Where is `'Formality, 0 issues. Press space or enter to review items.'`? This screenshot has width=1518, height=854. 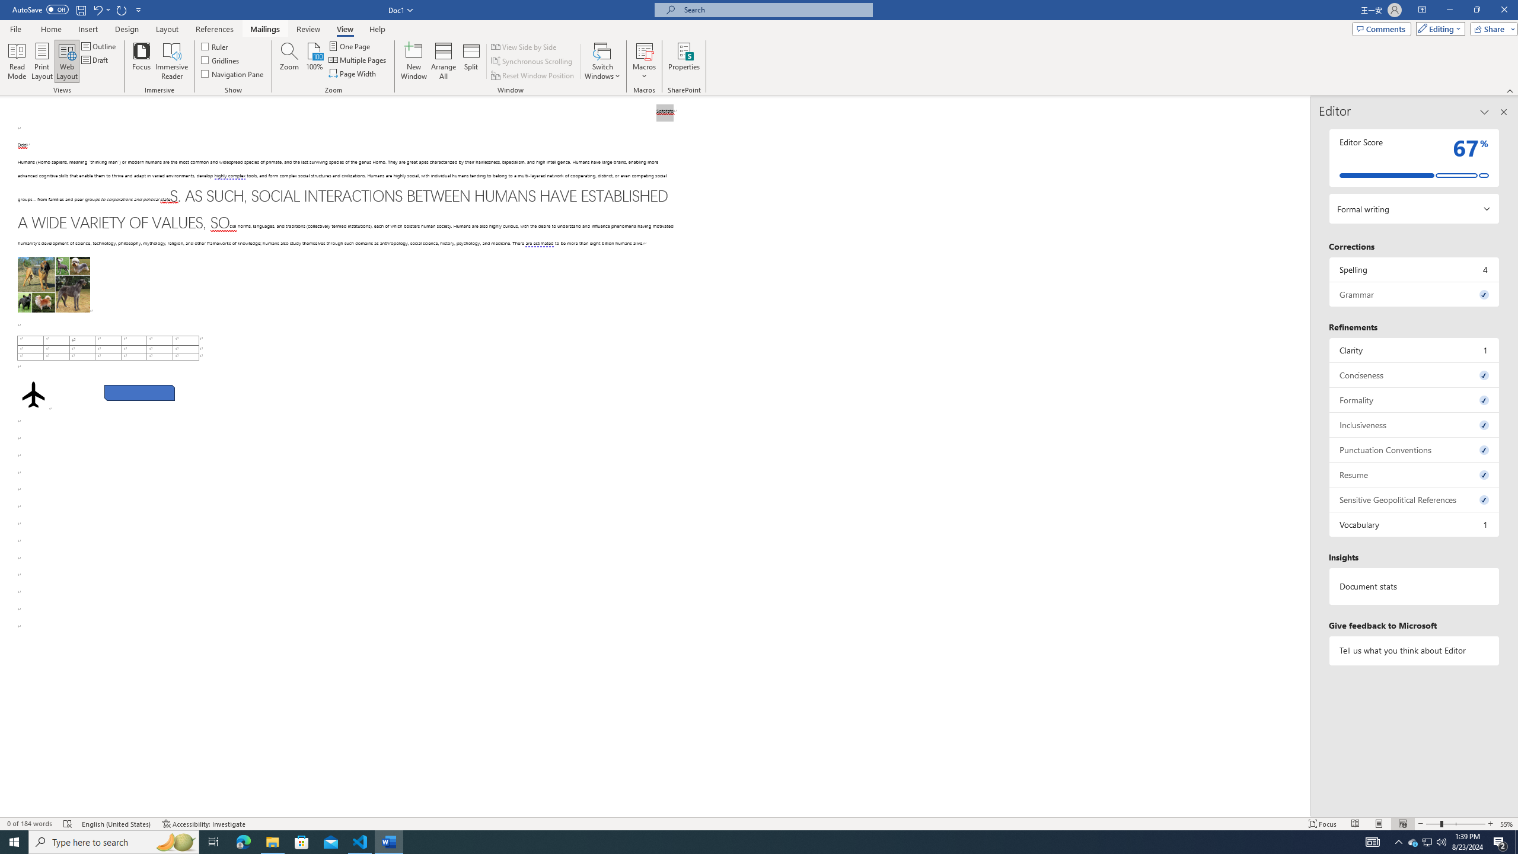 'Formality, 0 issues. Press space or enter to review items.' is located at coordinates (1414, 400).